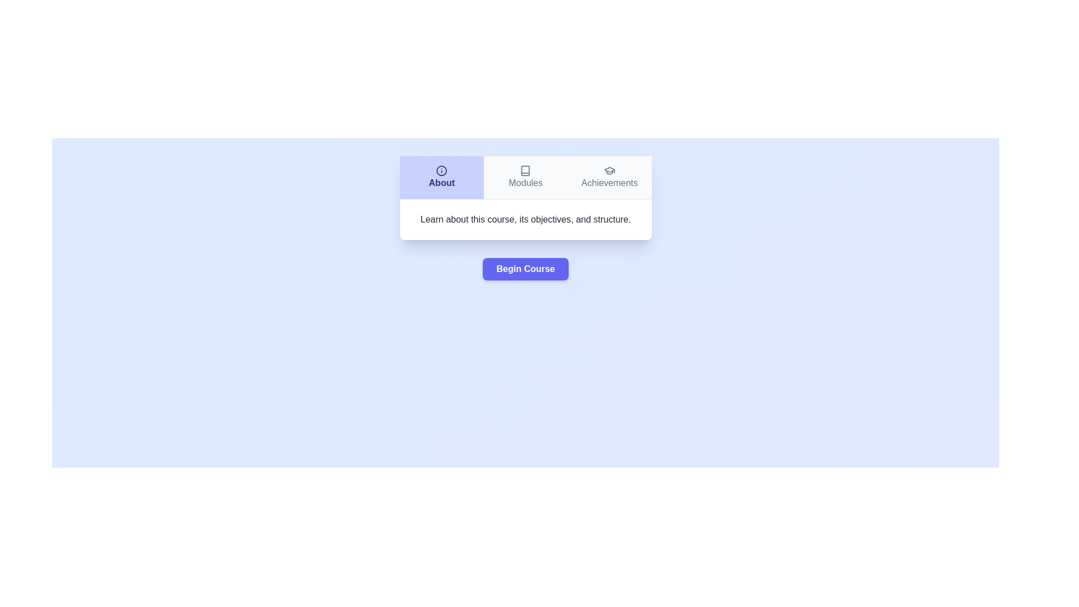 The image size is (1079, 607). Describe the element at coordinates (525, 269) in the screenshot. I see `'Begin Course' button` at that location.